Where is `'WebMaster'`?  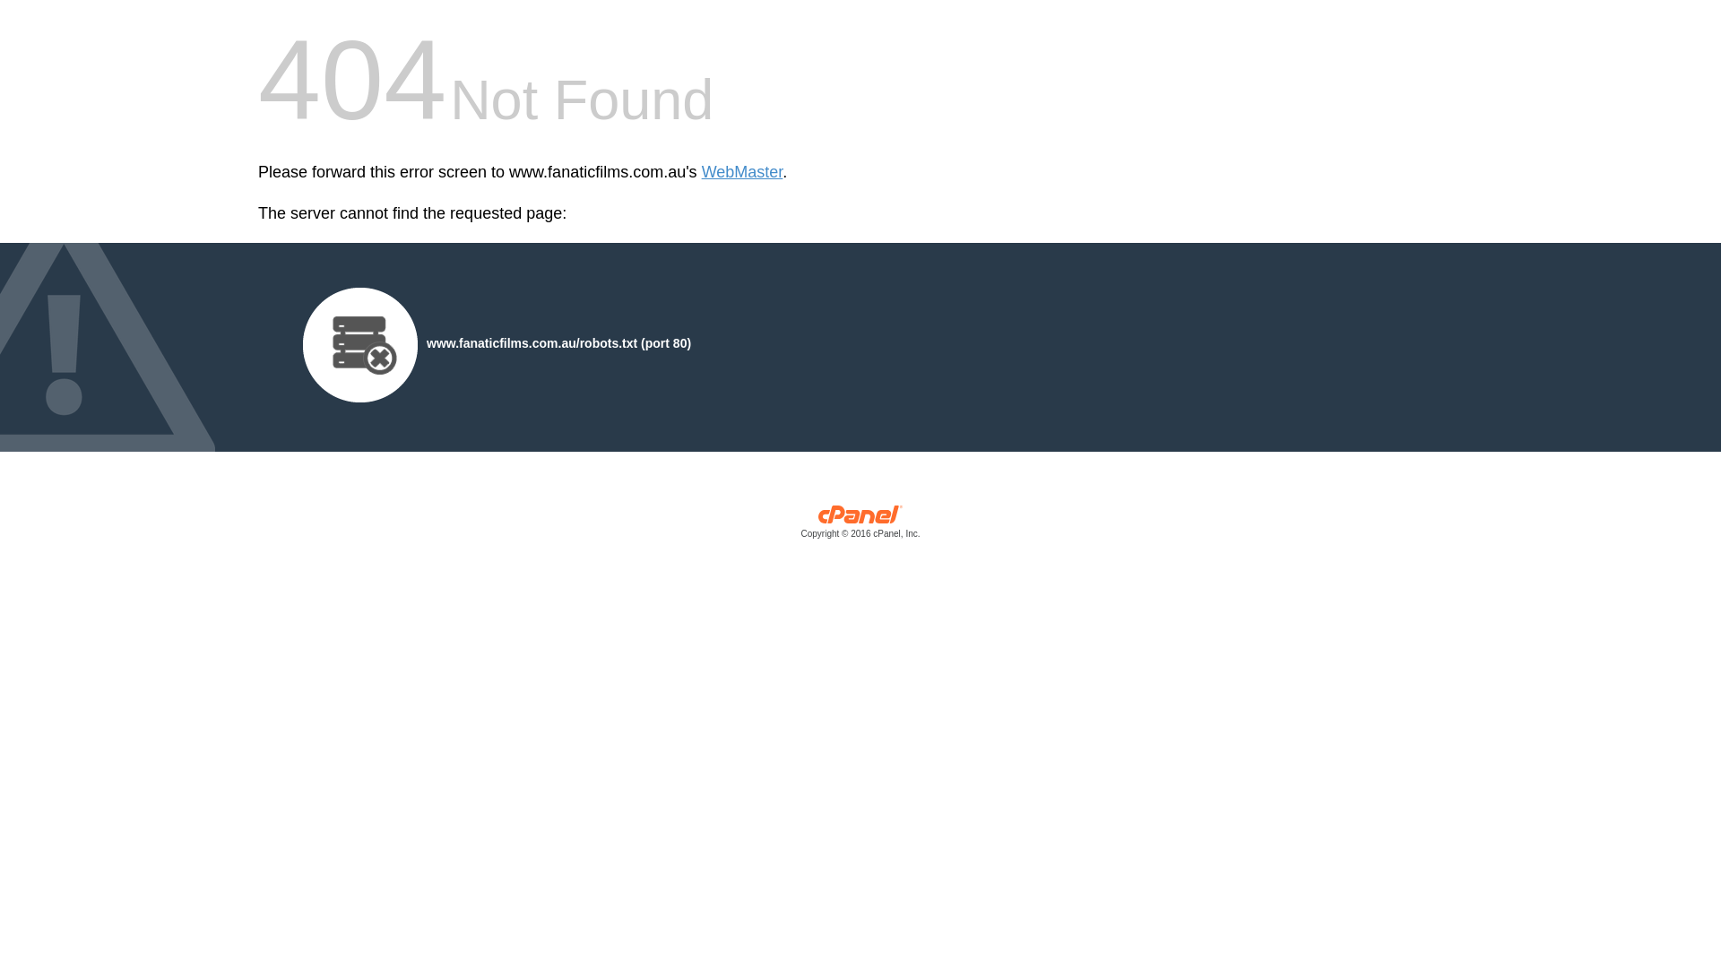 'WebMaster' is located at coordinates (742, 172).